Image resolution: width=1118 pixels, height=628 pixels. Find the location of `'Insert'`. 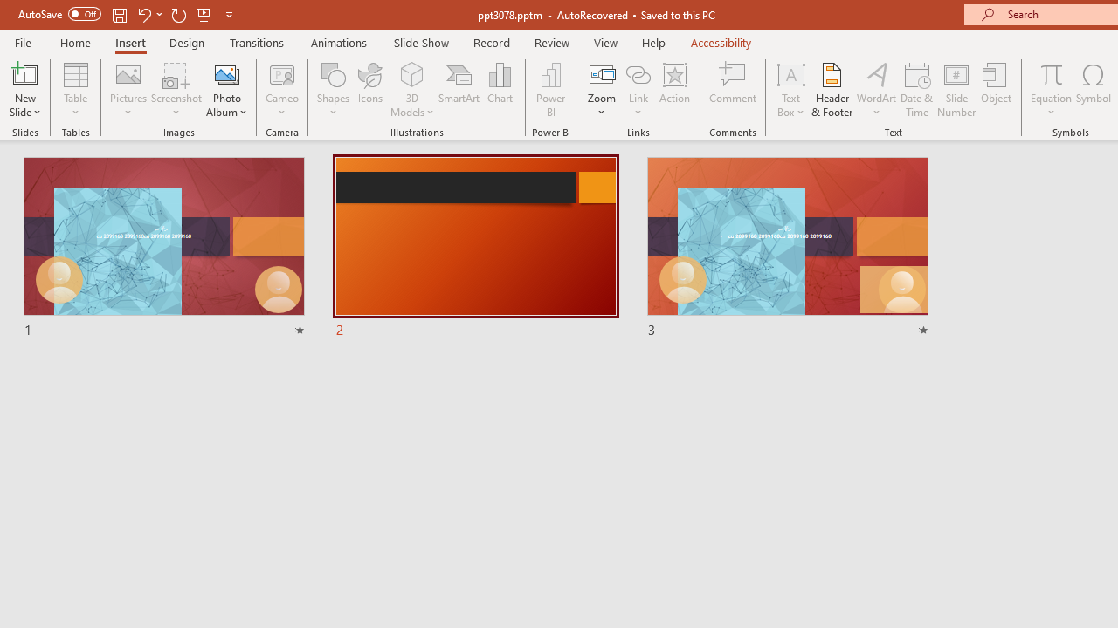

'Insert' is located at coordinates (129, 42).